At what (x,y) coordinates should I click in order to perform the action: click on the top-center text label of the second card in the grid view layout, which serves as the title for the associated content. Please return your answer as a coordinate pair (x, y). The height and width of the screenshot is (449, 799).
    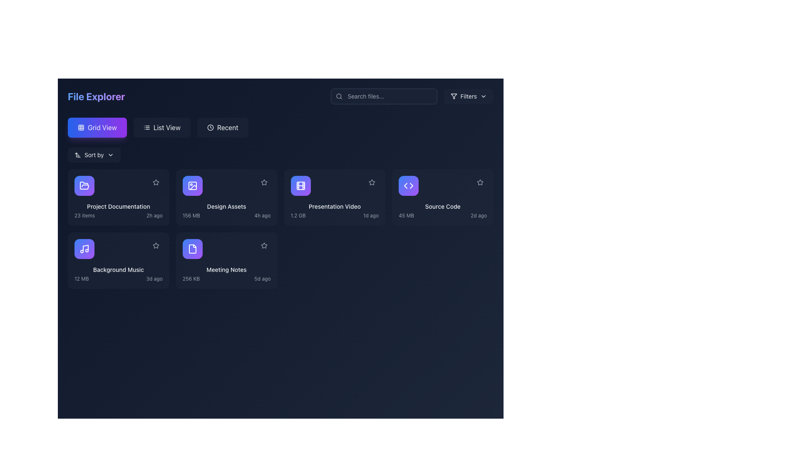
    Looking at the image, I should click on (226, 206).